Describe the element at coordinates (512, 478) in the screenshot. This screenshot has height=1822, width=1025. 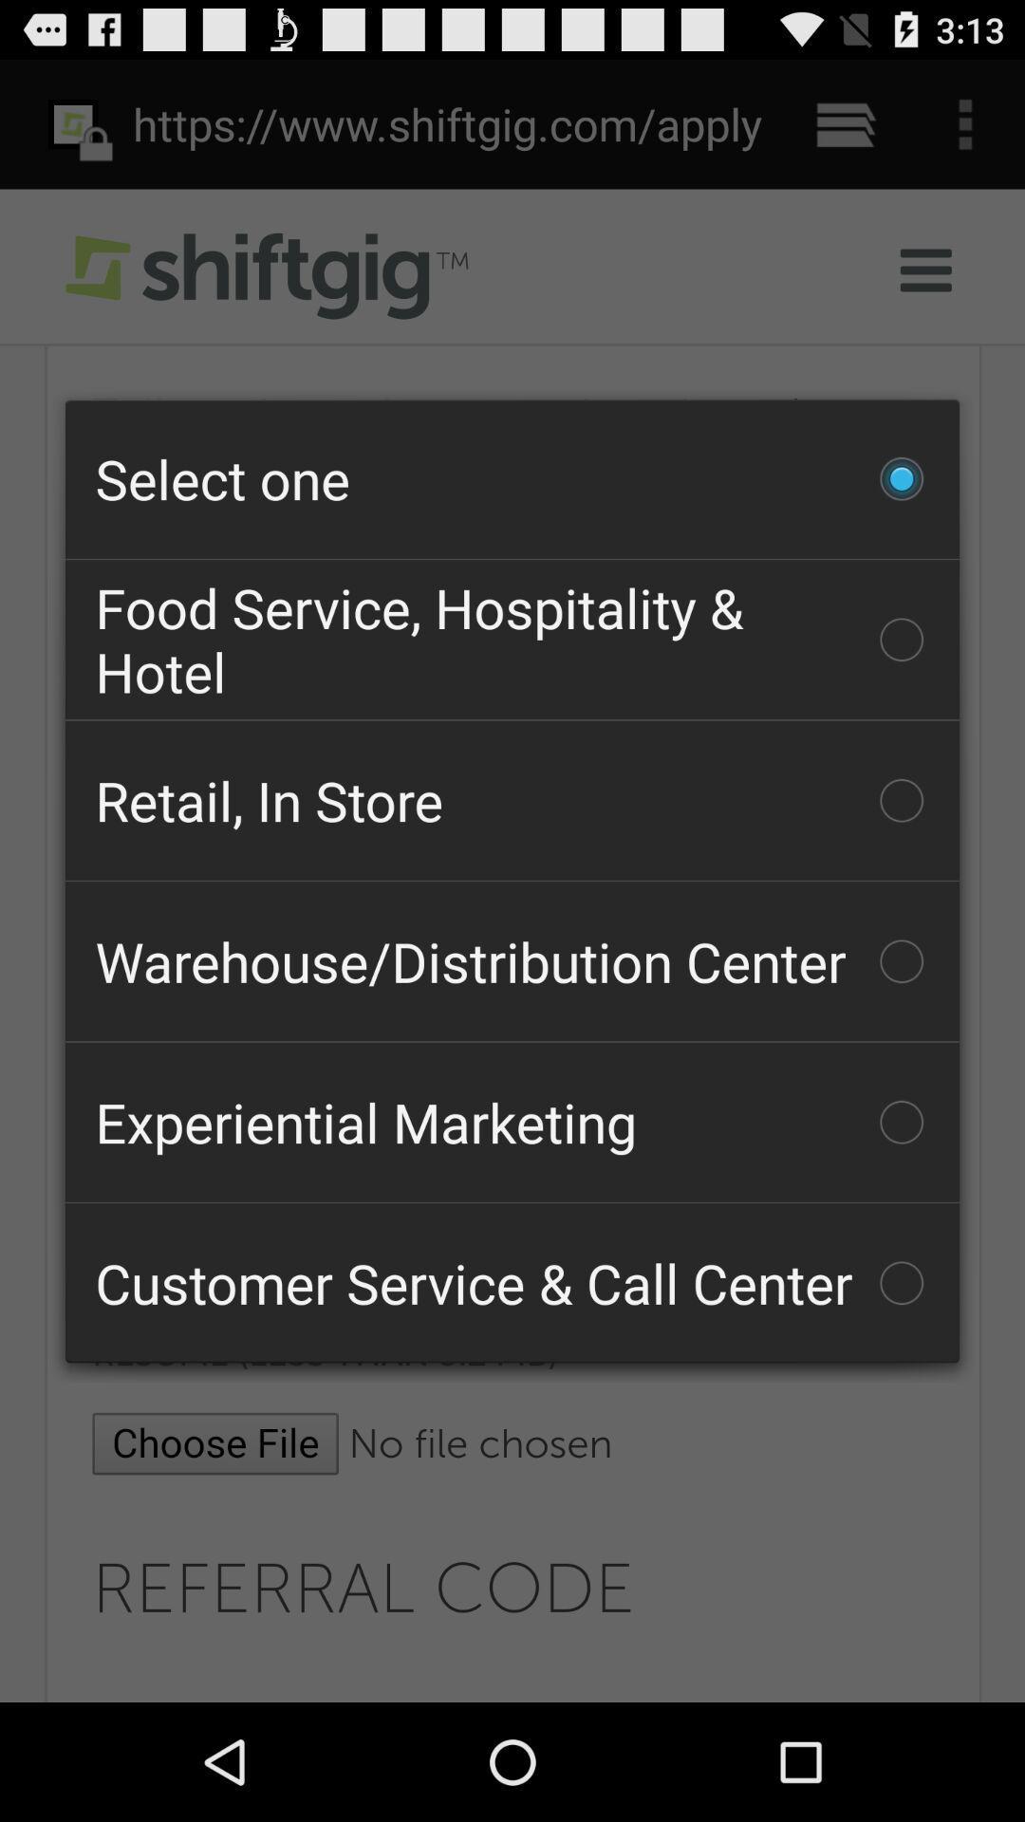
I see `the checkbox above the food service hospitality checkbox` at that location.